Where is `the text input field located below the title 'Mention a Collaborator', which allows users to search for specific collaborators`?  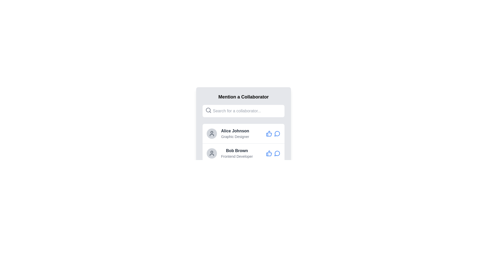 the text input field located below the title 'Mention a Collaborator', which allows users to search for specific collaborators is located at coordinates (243, 111).